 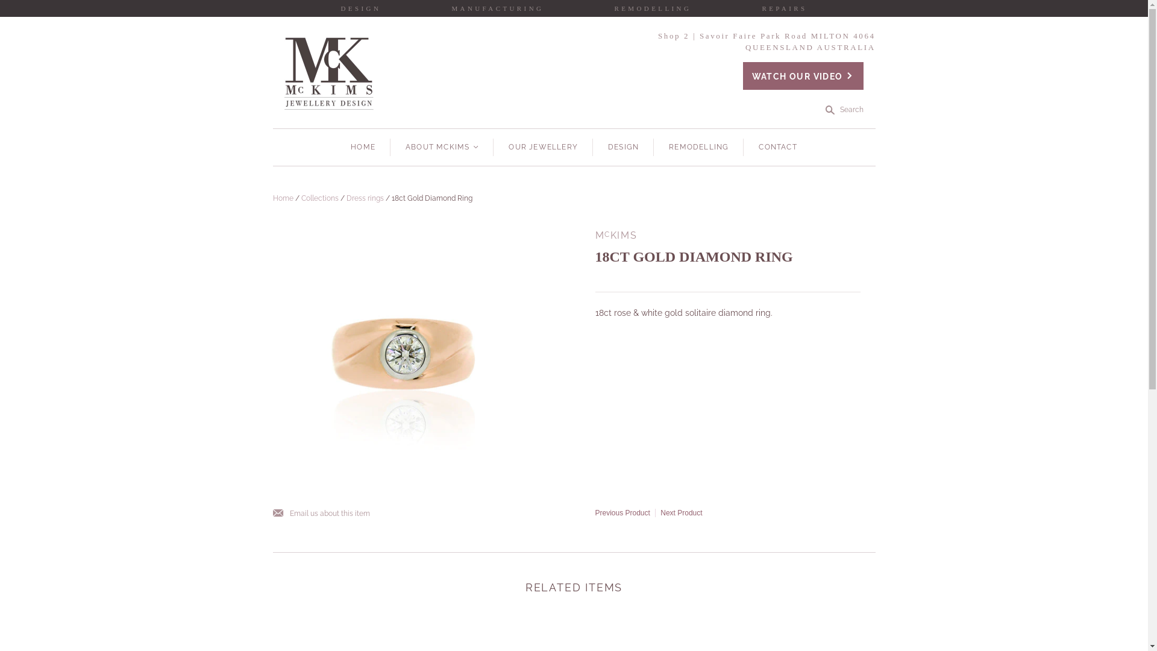 I want to click on 'Home', so click(x=282, y=197).